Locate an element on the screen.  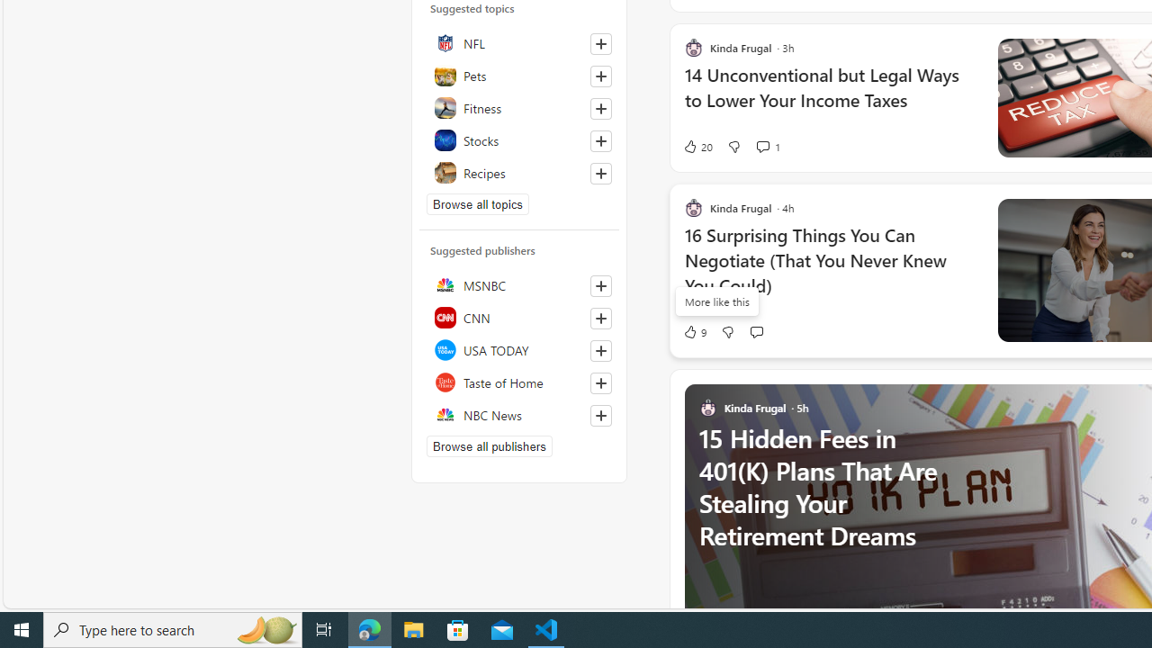
'Pets' is located at coordinates (518, 74).